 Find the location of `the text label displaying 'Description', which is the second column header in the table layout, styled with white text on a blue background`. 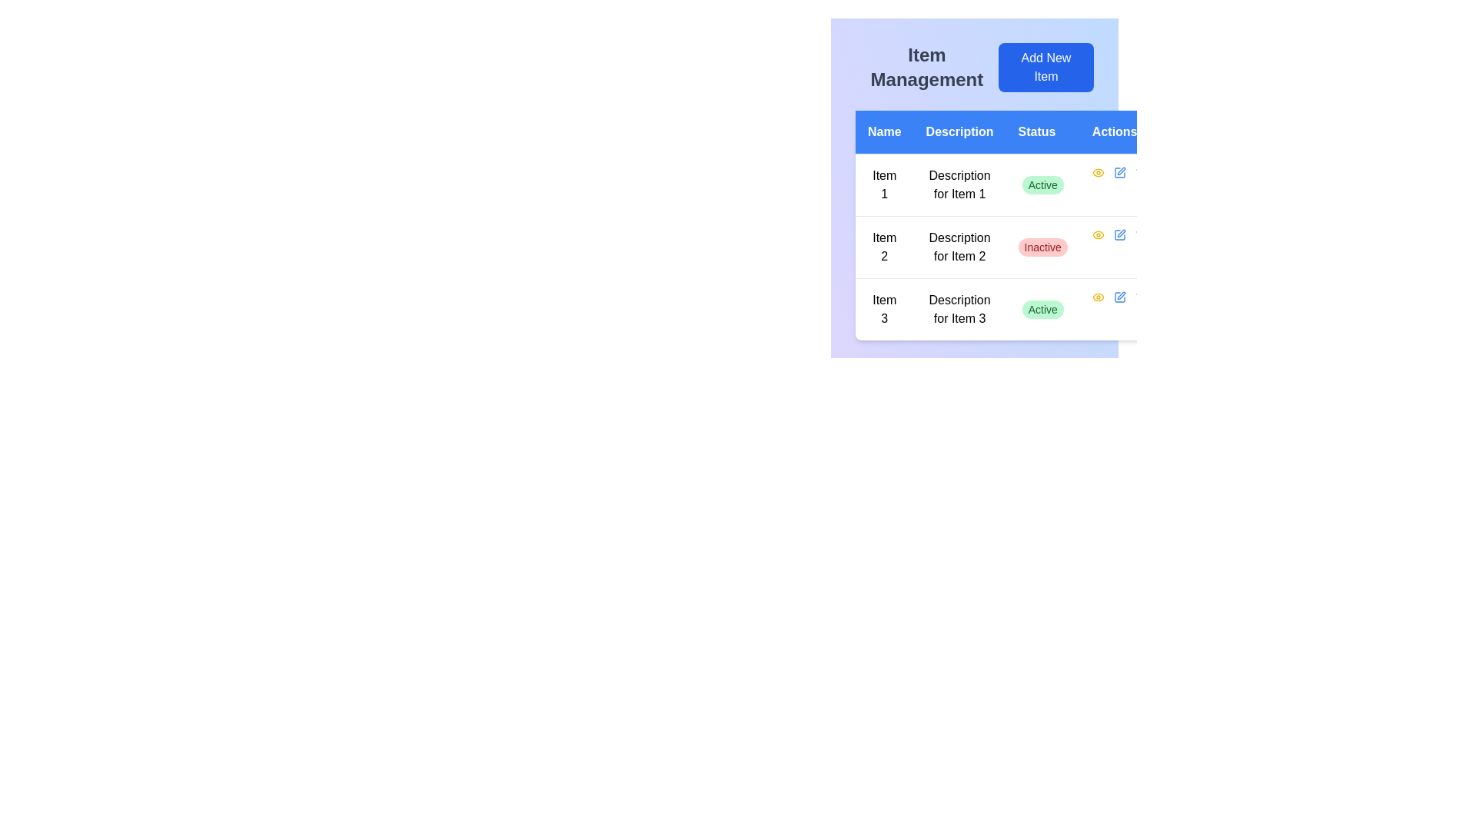

the text label displaying 'Description', which is the second column header in the table layout, styled with white text on a blue background is located at coordinates (959, 131).